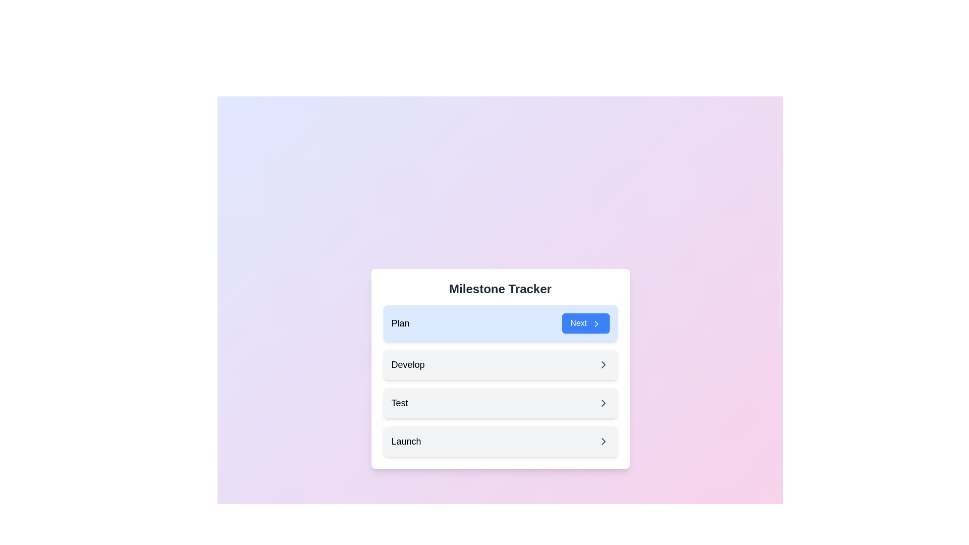  What do you see at coordinates (603, 364) in the screenshot?
I see `the chevron icon located on the right side of the 'Develop' row in the feature tracker interface` at bounding box center [603, 364].